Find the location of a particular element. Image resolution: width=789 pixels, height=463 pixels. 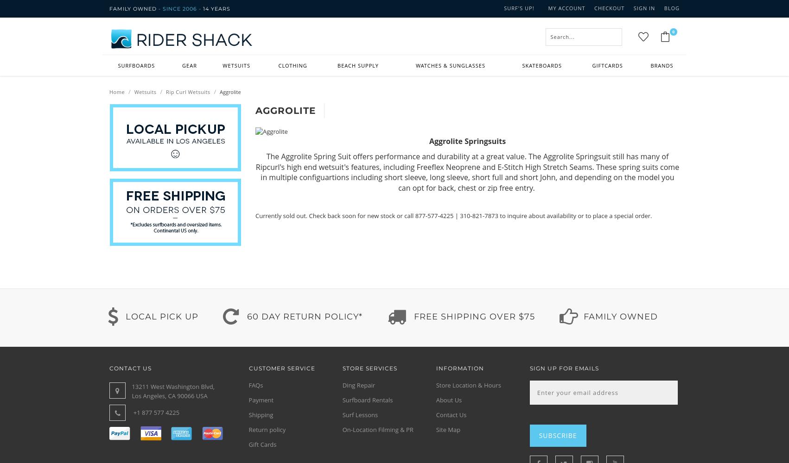

'My Account' is located at coordinates (566, 8).